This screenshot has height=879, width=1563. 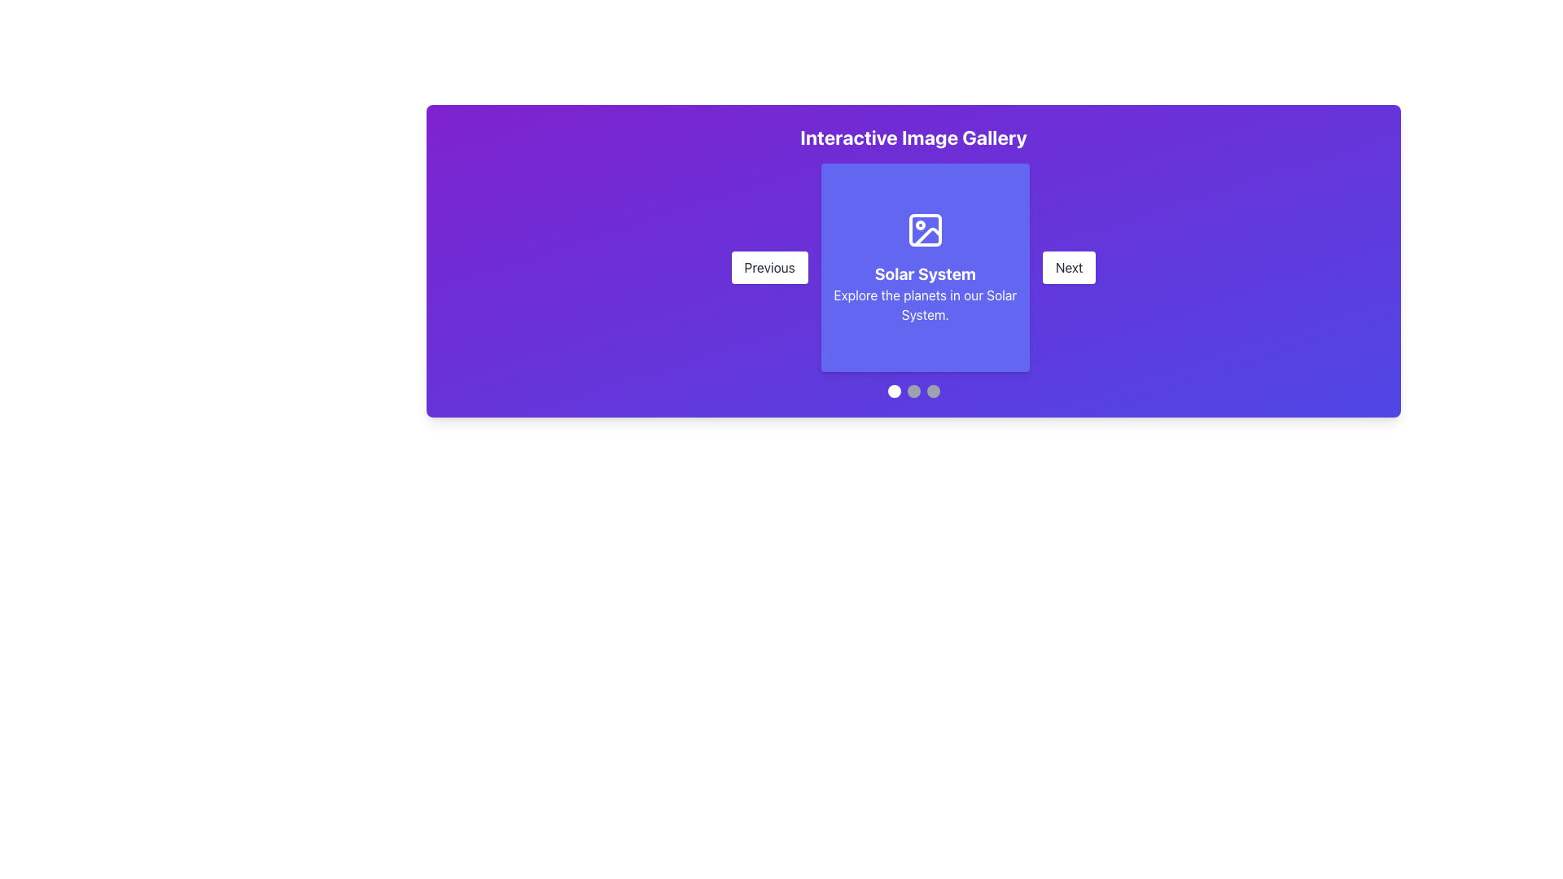 What do you see at coordinates (913, 137) in the screenshot?
I see `the static text header 'Interactive Image Gallery' which is styled in a bold, large font and located at the top of a gradient background panel` at bounding box center [913, 137].